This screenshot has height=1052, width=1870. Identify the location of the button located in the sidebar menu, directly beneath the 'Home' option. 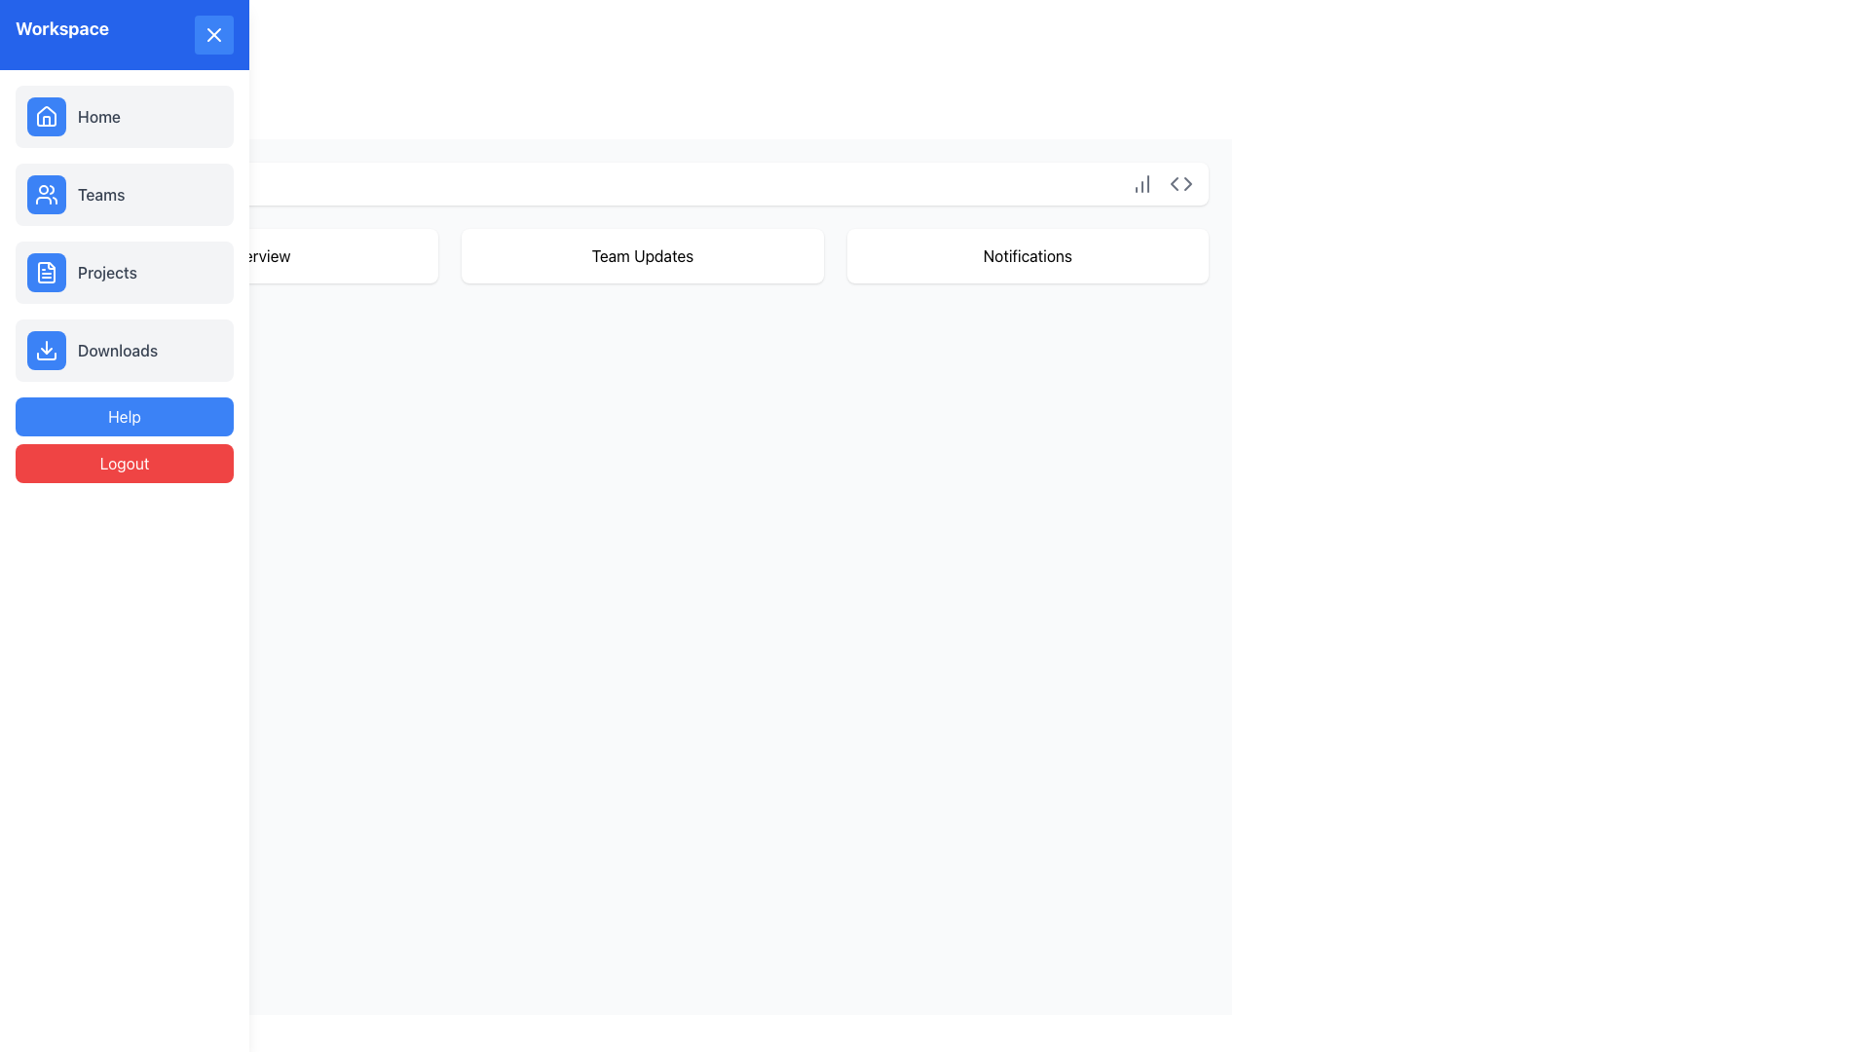
(124, 195).